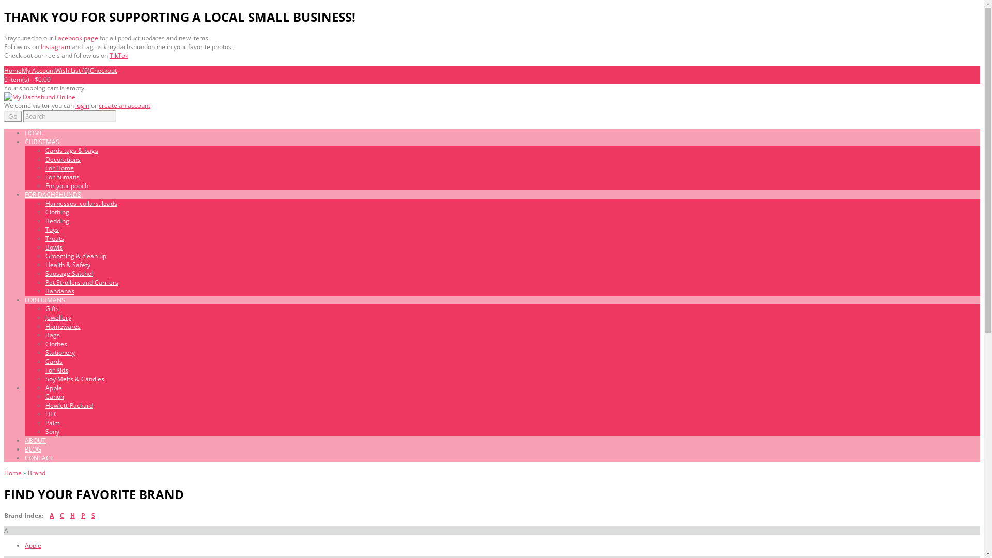 The height and width of the screenshot is (558, 992). I want to click on 'CONTACT', so click(39, 457).